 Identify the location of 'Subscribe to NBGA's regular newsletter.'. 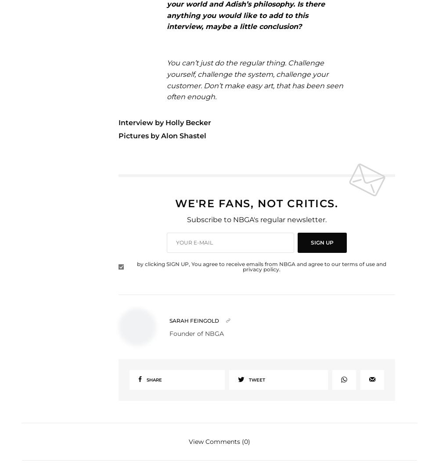
(256, 220).